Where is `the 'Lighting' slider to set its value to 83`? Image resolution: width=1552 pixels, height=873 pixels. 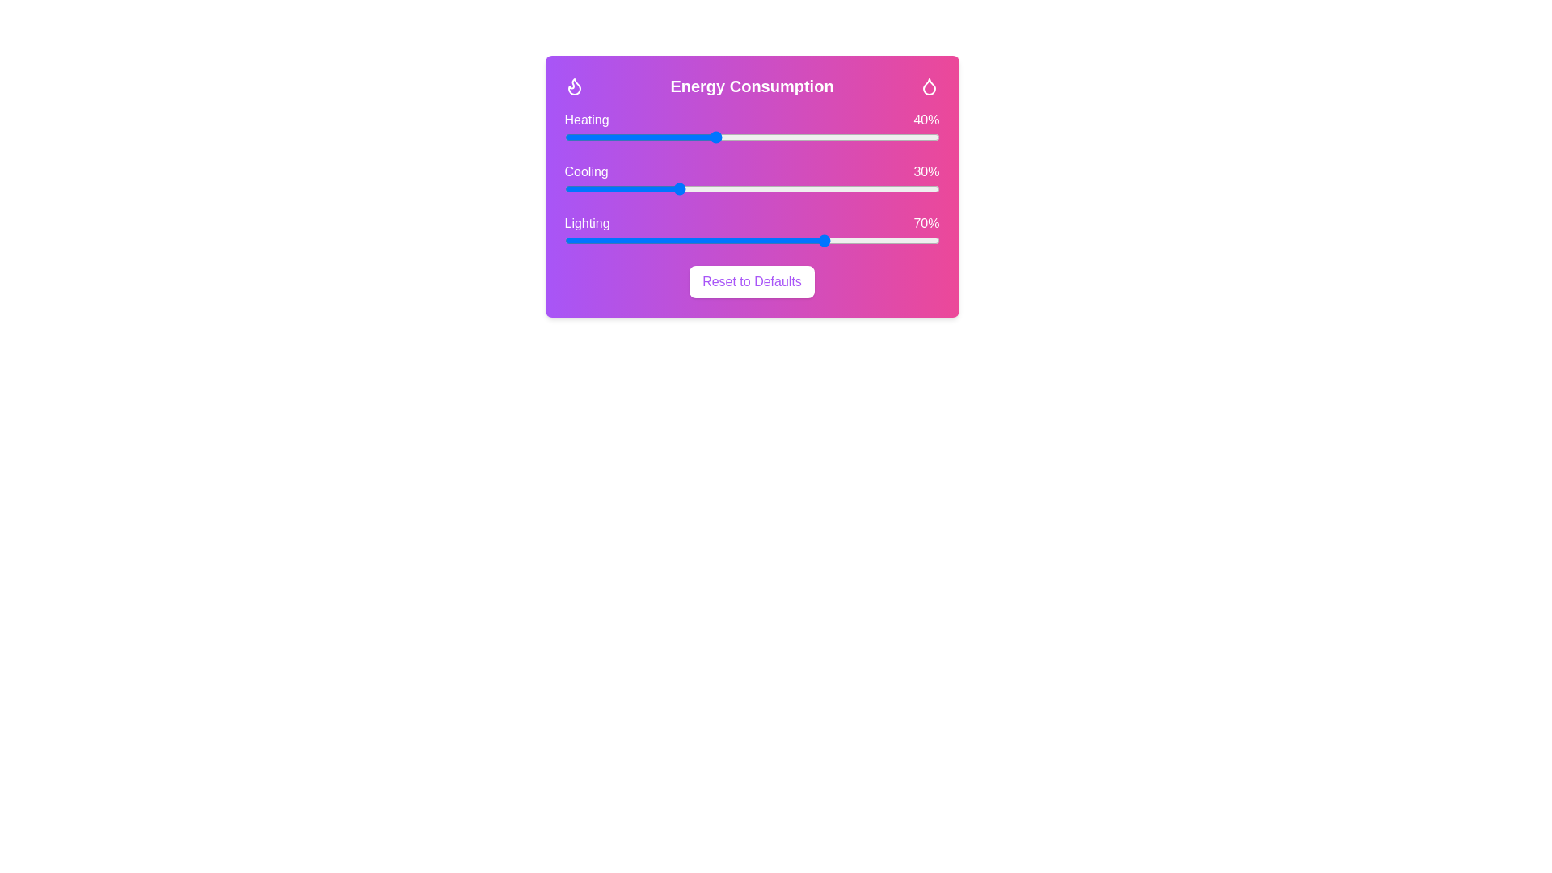 the 'Lighting' slider to set its value to 83 is located at coordinates (875, 240).